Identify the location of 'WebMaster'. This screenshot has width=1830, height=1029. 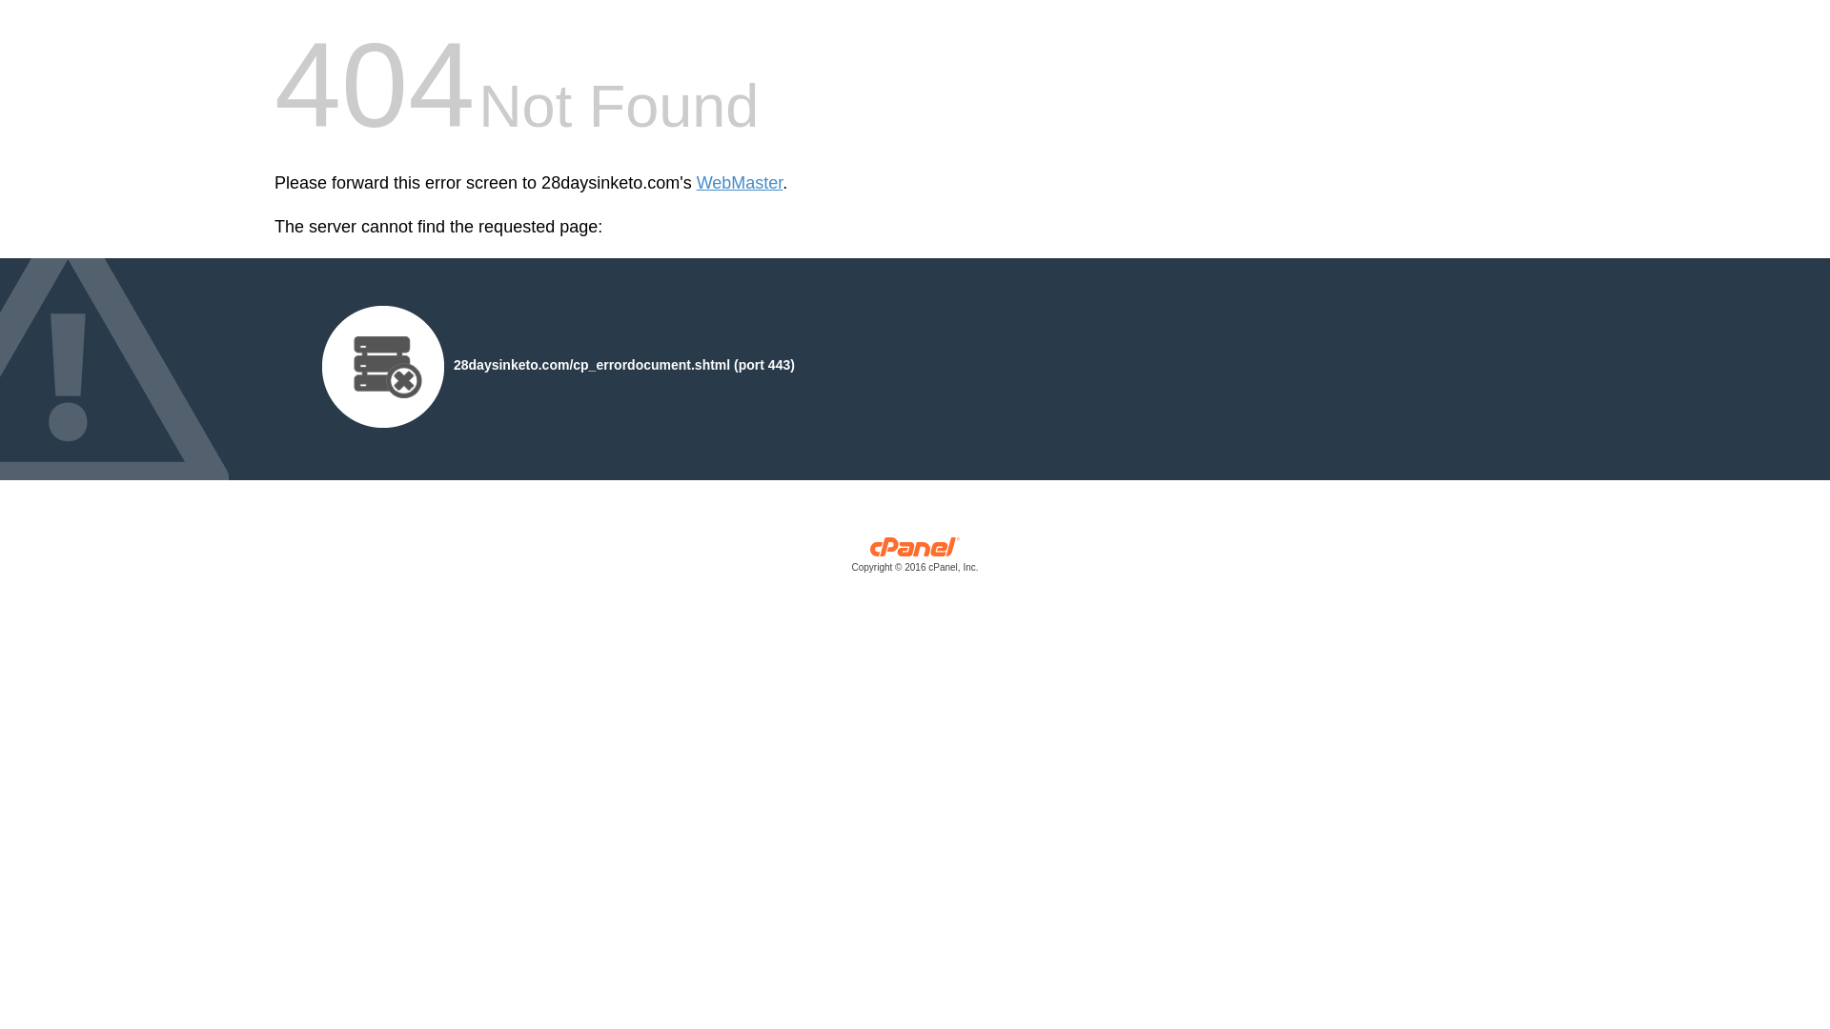
(695, 183).